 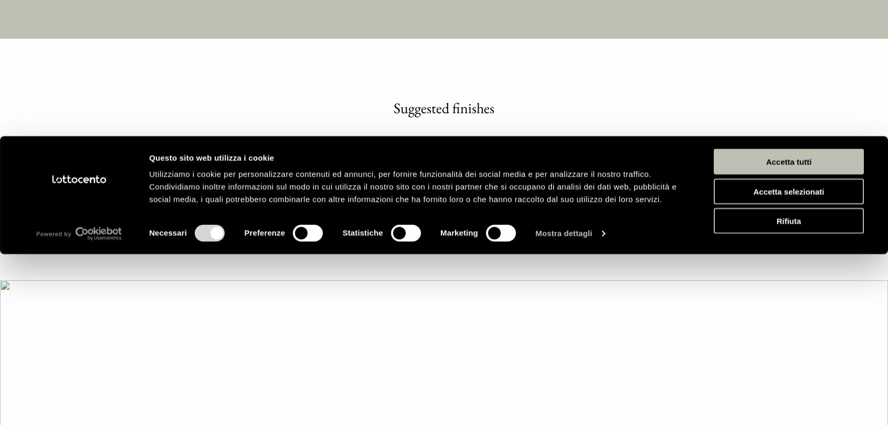 What do you see at coordinates (413, 130) in the screenshot?
I see `'Utilizziamo i cookie per personalizzare contenuti ed annunci, per fornire funzionalità dei social media e per analizzare il nostro traffico. Condividiamo inoltre informazioni sul modo in cui utilizza il nostro sito con i nostri partner che si occupano di analisi dei dati web, pubblicità e social media, i quali potrebbero combinarle con altre informazioni che ha fornito loro o che hanno raccolto dal suo utilizzo dei loro servizi.'` at bounding box center [413, 130].